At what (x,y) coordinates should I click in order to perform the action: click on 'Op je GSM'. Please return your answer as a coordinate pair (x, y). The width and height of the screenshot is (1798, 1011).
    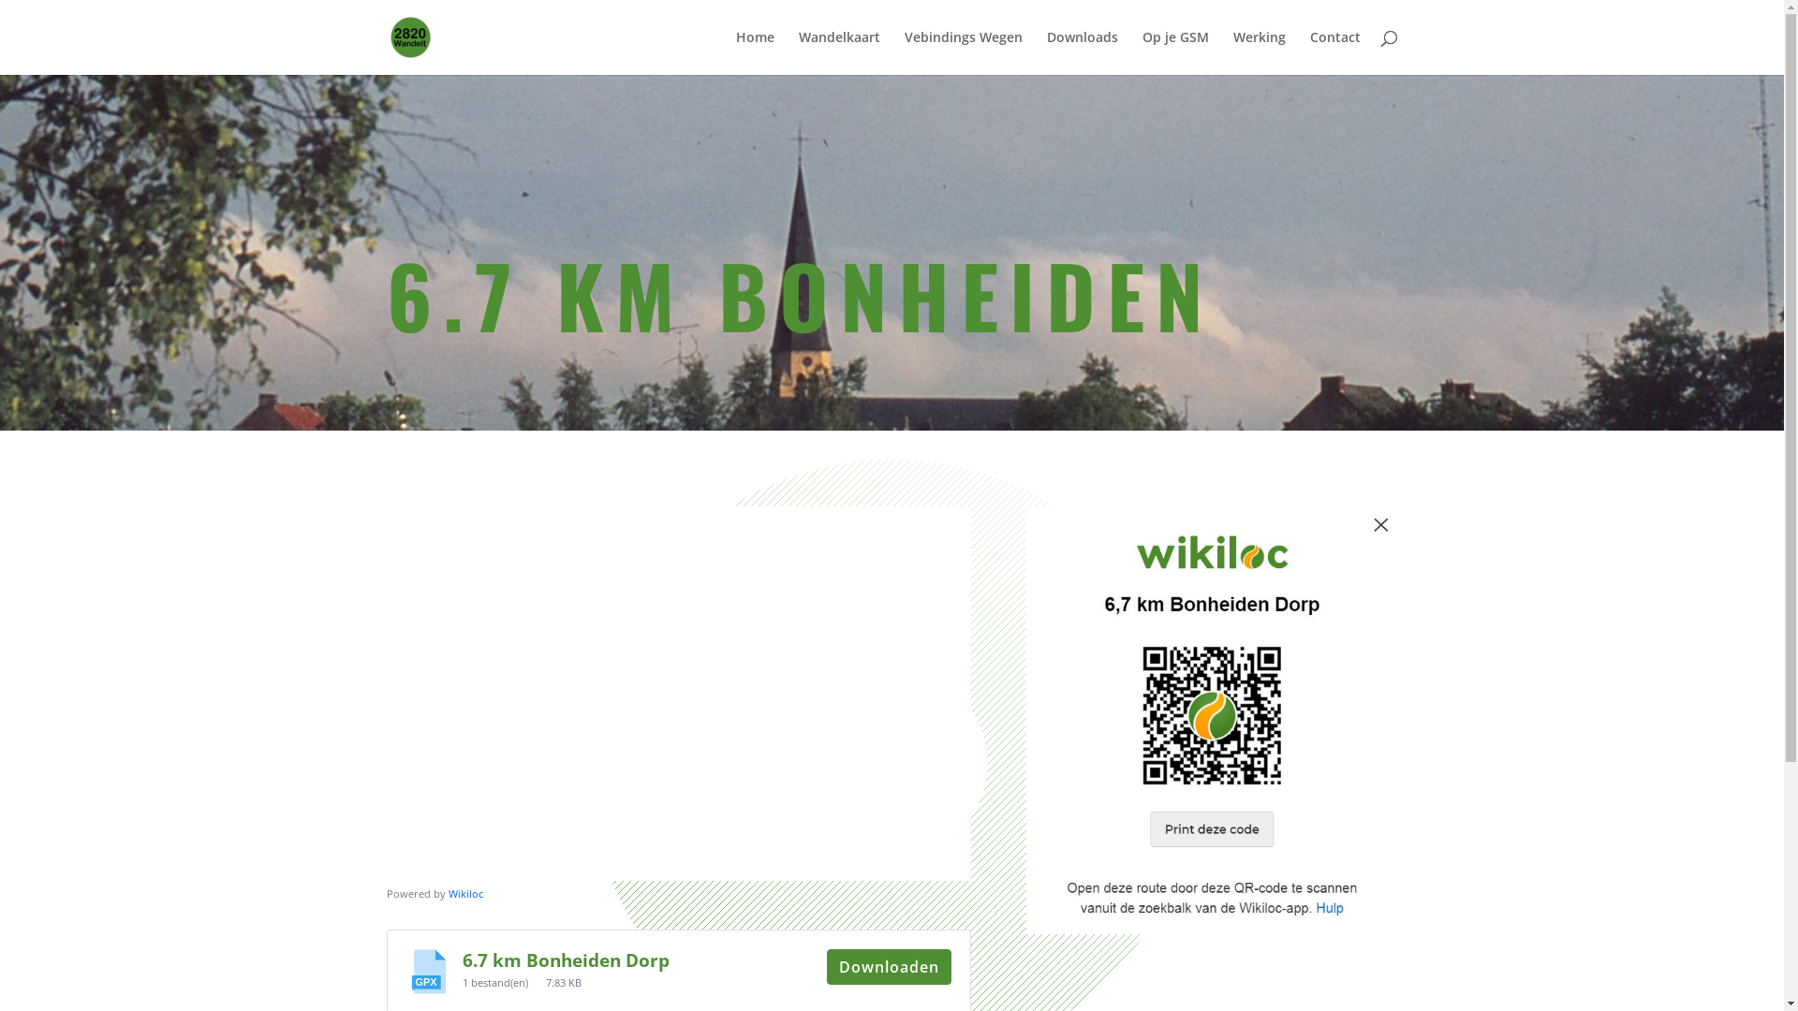
    Looking at the image, I should click on (1174, 51).